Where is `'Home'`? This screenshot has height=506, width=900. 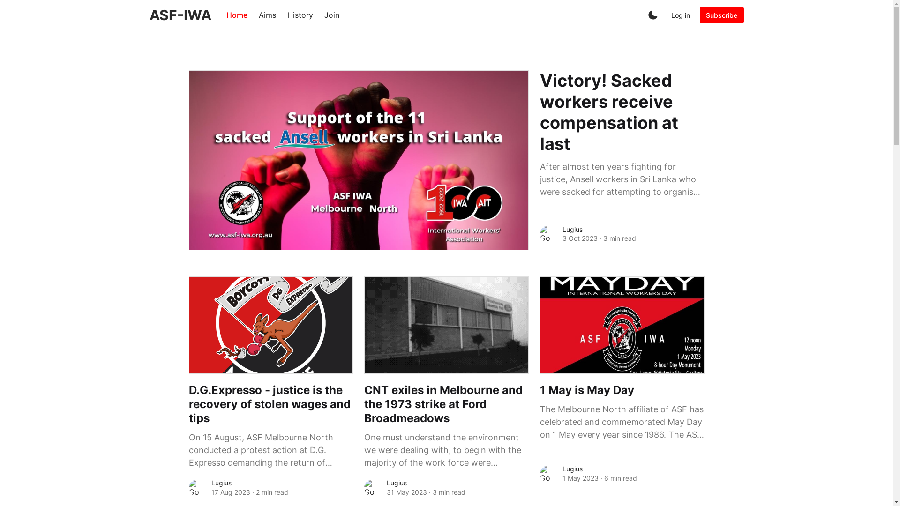 'Home' is located at coordinates (236, 15).